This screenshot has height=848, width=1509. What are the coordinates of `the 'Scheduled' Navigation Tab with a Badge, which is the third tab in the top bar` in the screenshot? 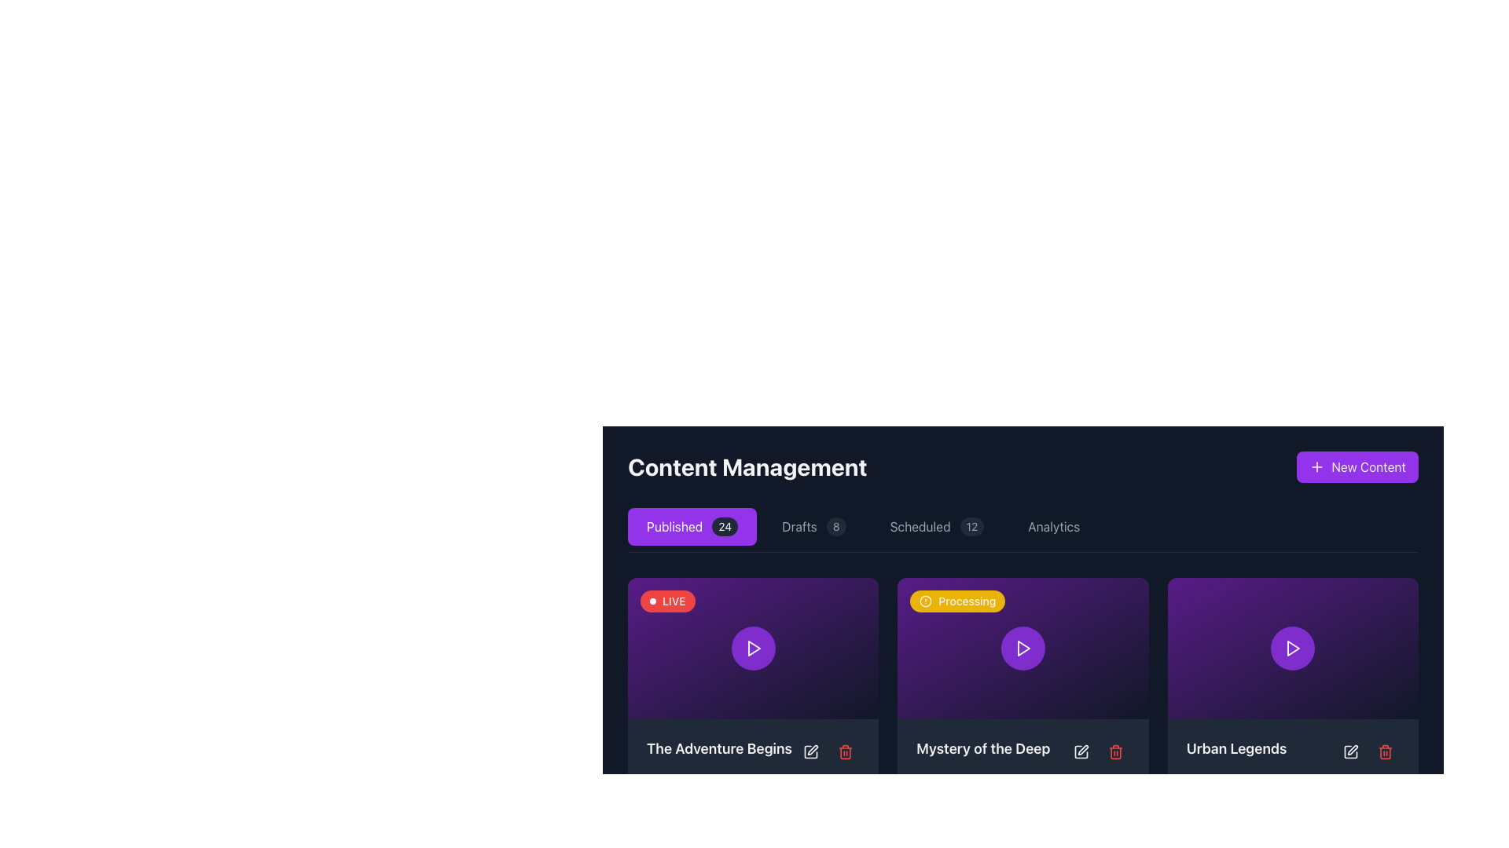 It's located at (937, 527).